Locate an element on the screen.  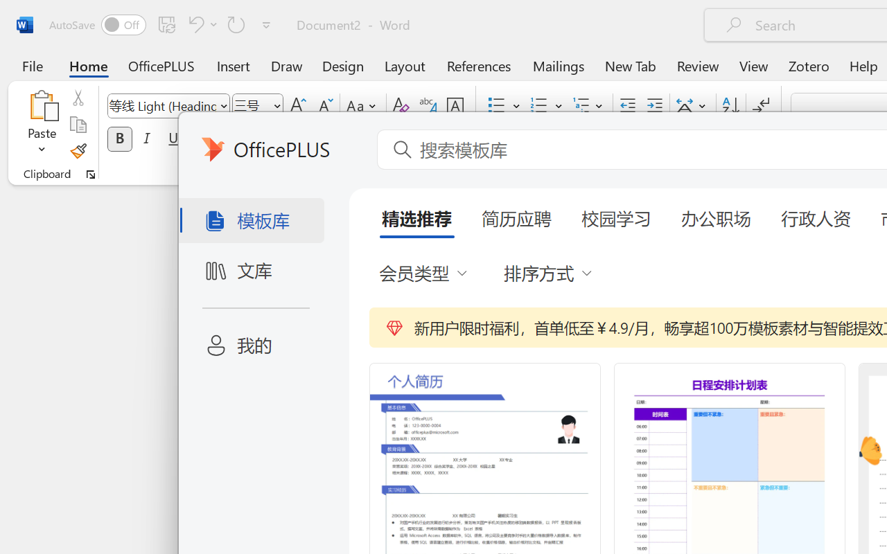
'Review' is located at coordinates (698, 65).